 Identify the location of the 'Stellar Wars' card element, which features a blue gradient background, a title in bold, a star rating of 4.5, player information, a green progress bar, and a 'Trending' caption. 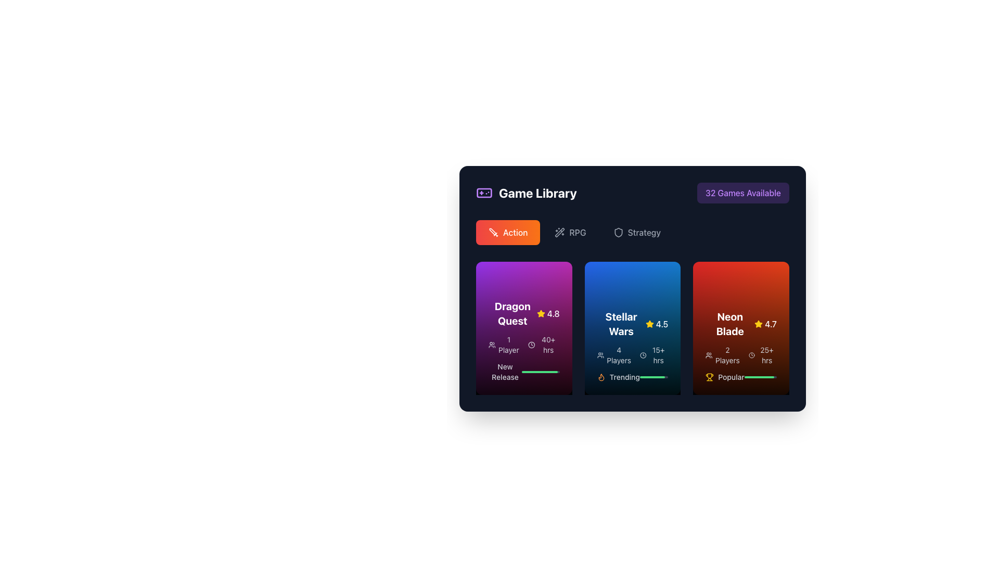
(632, 328).